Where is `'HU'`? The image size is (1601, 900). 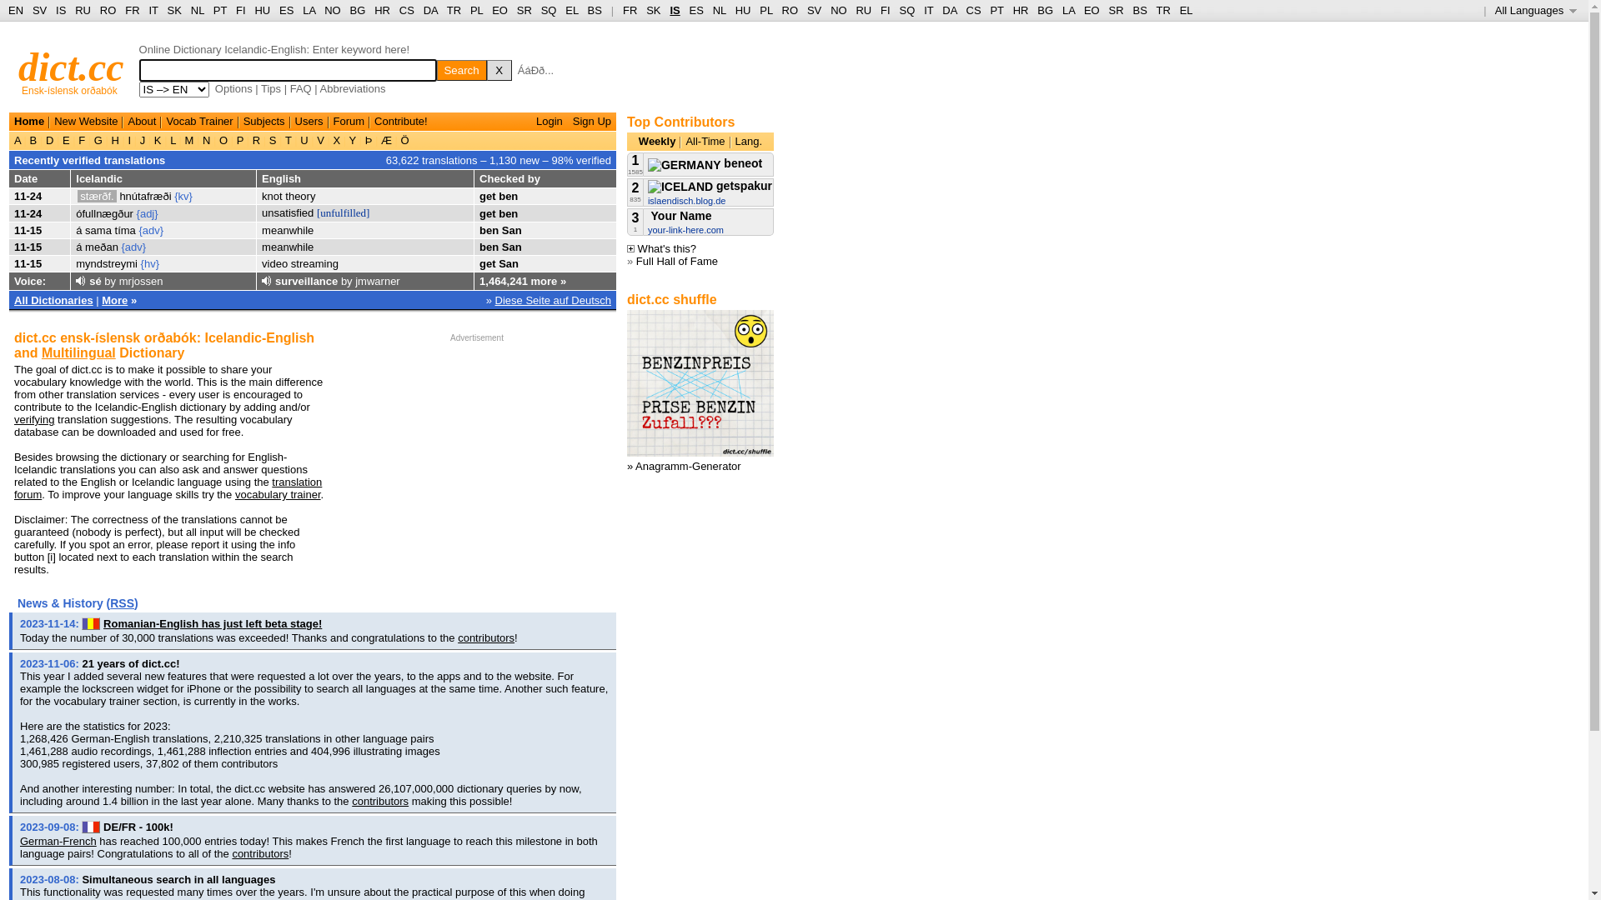 'HU' is located at coordinates (742, 10).